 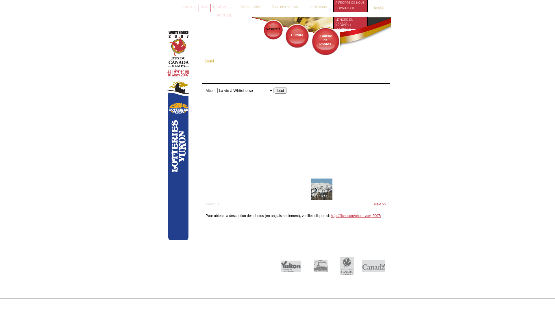 What do you see at coordinates (280, 90) in the screenshot?
I see `'load'` at bounding box center [280, 90].